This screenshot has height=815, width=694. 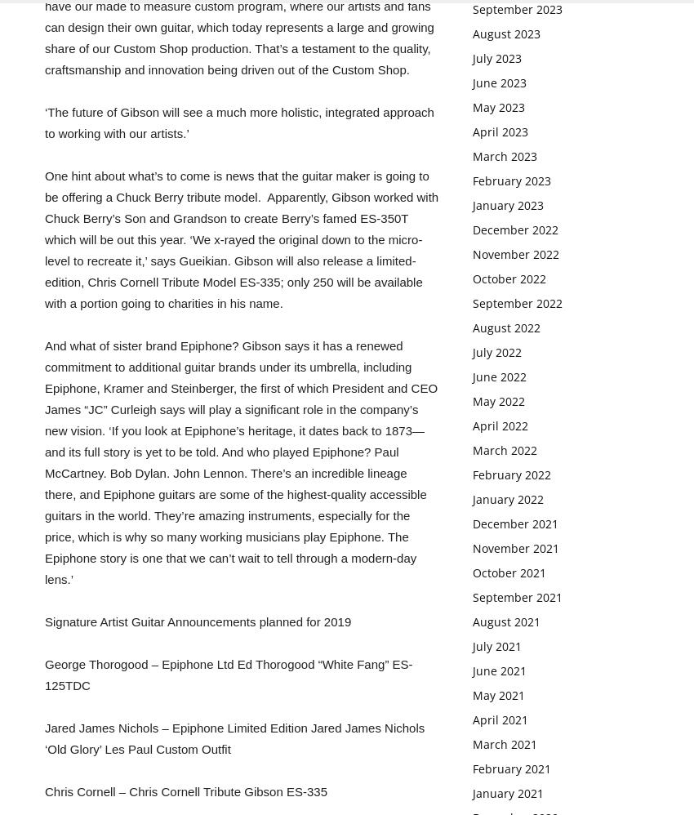 I want to click on 'September 2022', so click(x=517, y=302).